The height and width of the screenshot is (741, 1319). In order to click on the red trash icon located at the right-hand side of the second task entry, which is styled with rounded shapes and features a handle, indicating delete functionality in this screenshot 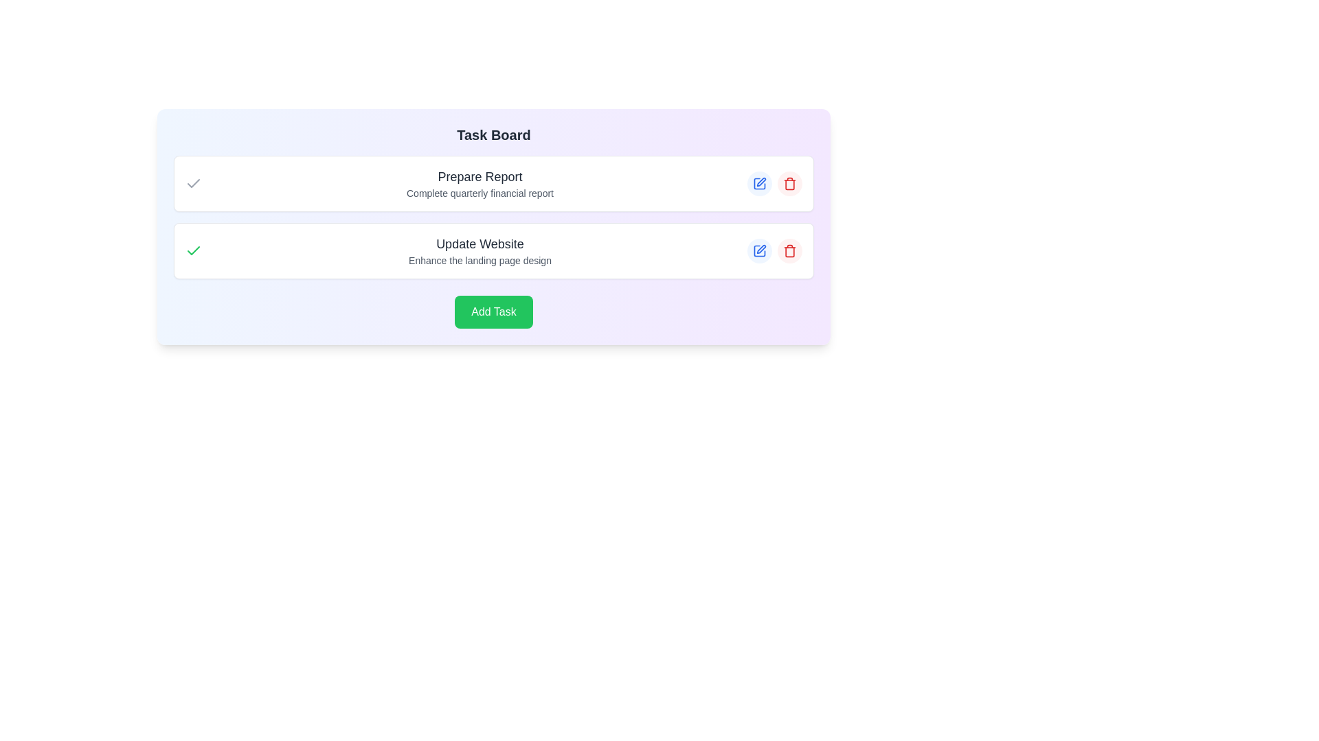, I will do `click(790, 183)`.